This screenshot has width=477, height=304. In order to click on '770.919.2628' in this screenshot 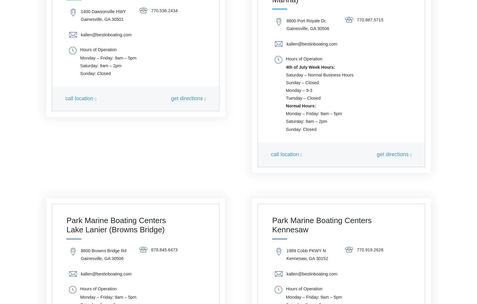, I will do `click(369, 249)`.